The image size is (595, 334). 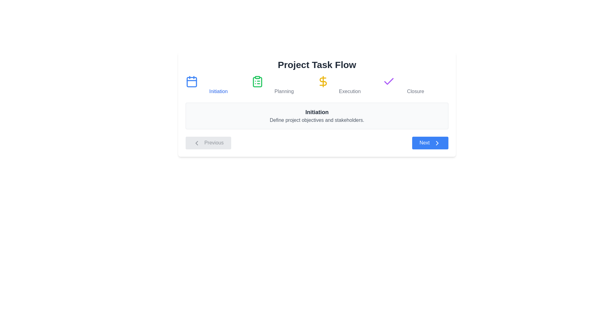 I want to click on the navigation button located at the bottom-left corner of the horizontal navigation bar to move to the previous step in the process, so click(x=208, y=143).